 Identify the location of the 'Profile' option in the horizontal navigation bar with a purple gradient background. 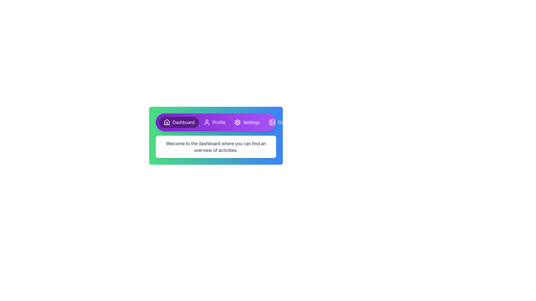
(216, 122).